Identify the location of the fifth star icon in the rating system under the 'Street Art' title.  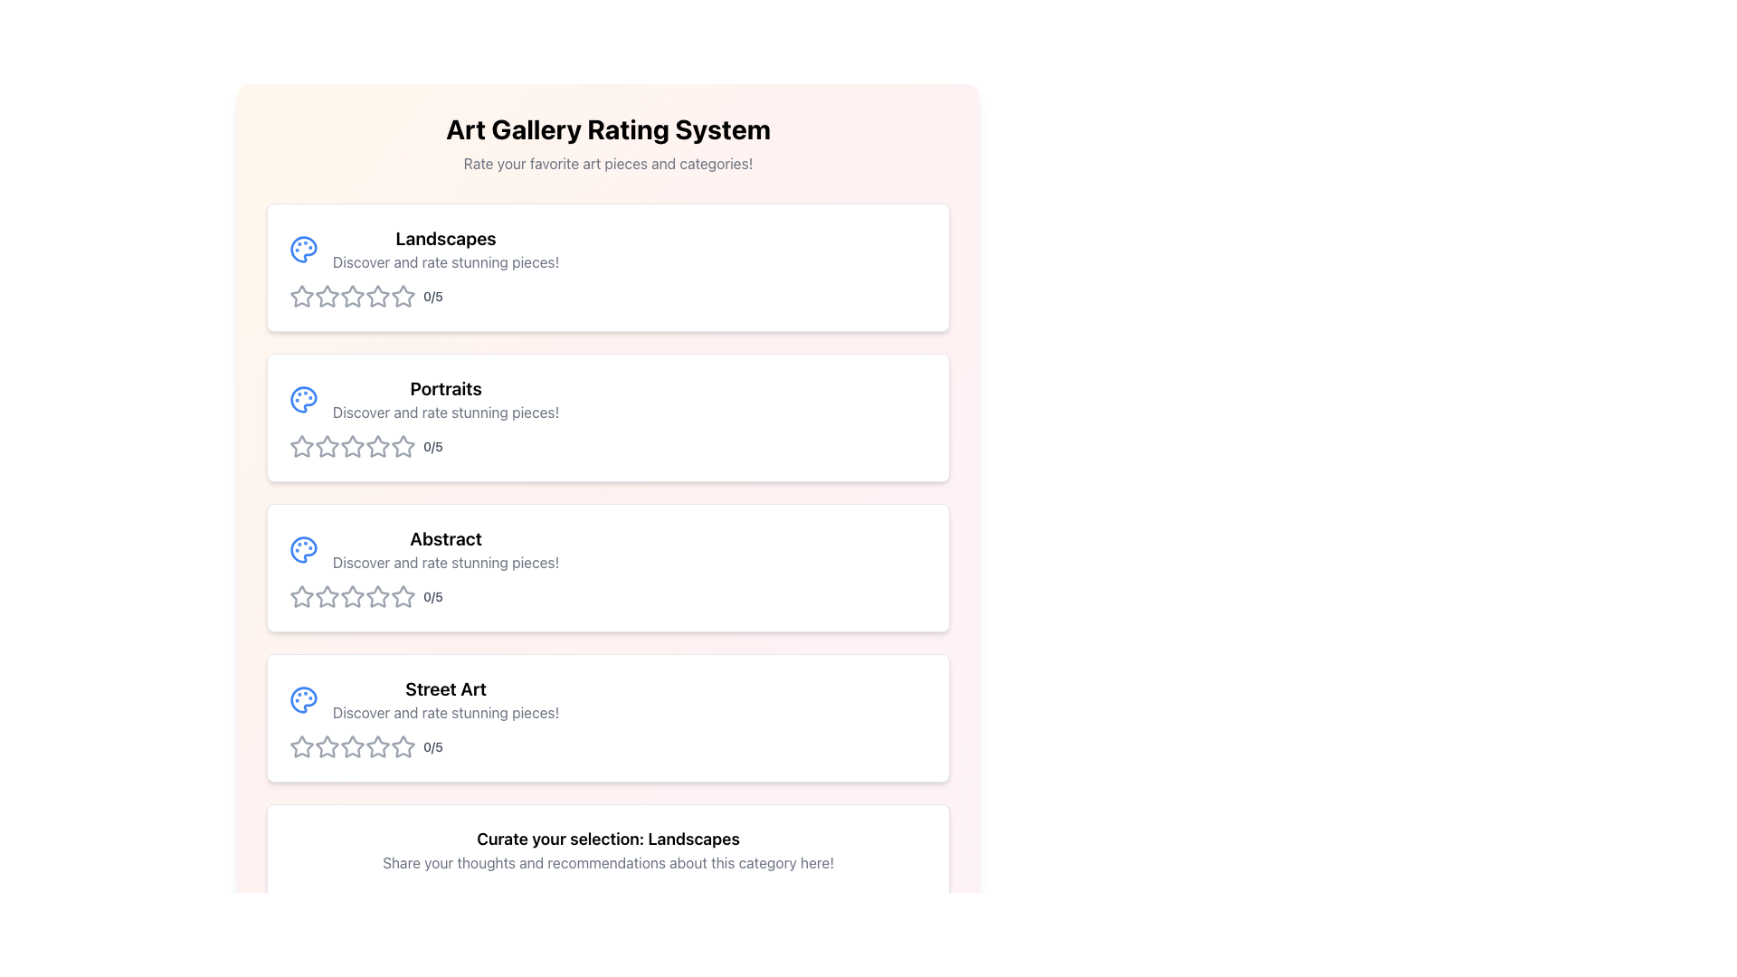
(376, 746).